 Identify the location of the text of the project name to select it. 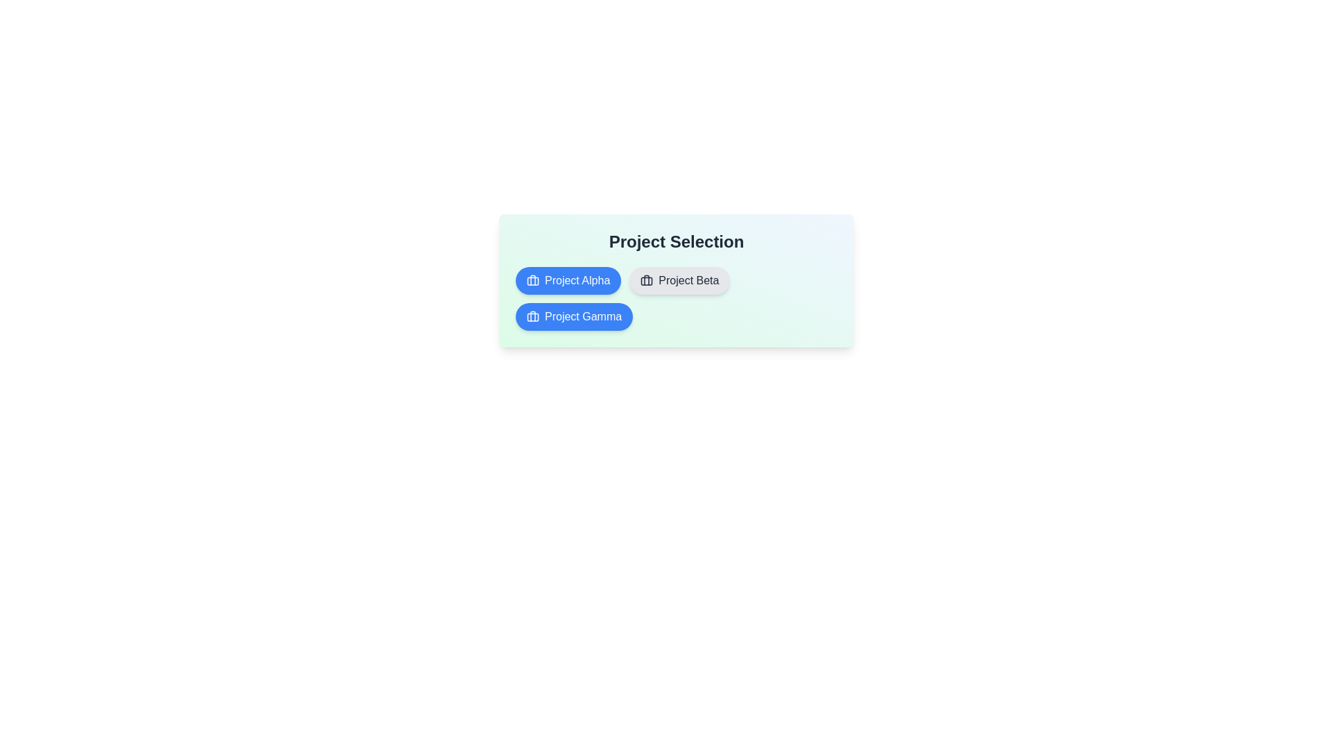
(568, 281).